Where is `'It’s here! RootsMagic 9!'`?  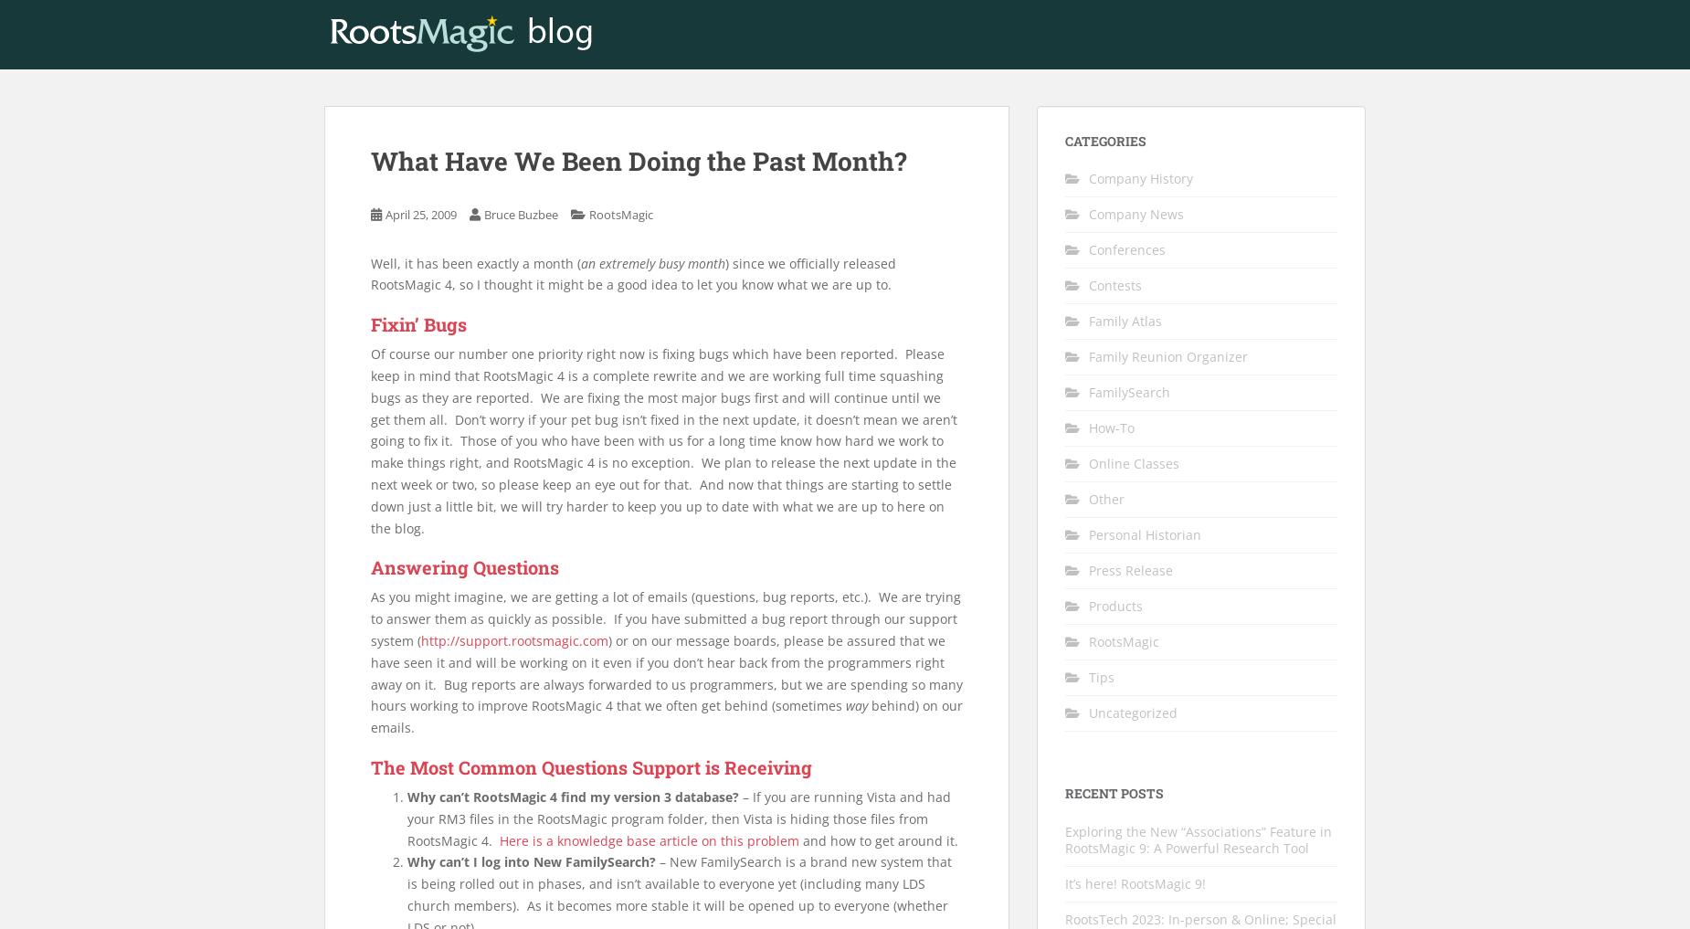 'It’s here! RootsMagic 9!' is located at coordinates (1135, 882).